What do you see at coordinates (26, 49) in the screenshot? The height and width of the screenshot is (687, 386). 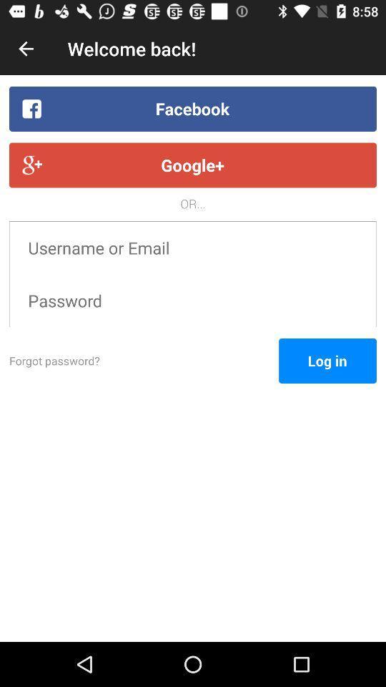 I see `icon above the facebook item` at bounding box center [26, 49].